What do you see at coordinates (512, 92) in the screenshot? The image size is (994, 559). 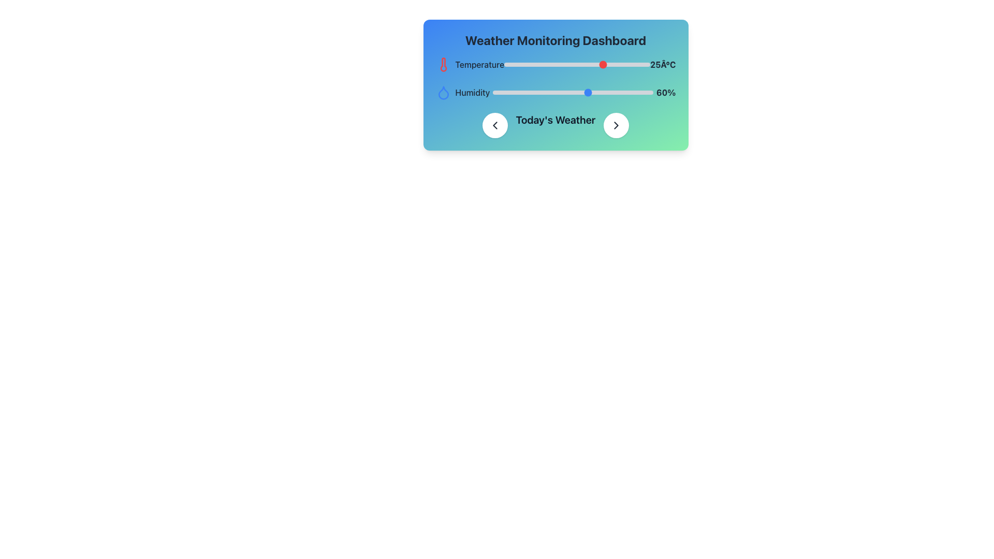 I see `humidity` at bounding box center [512, 92].